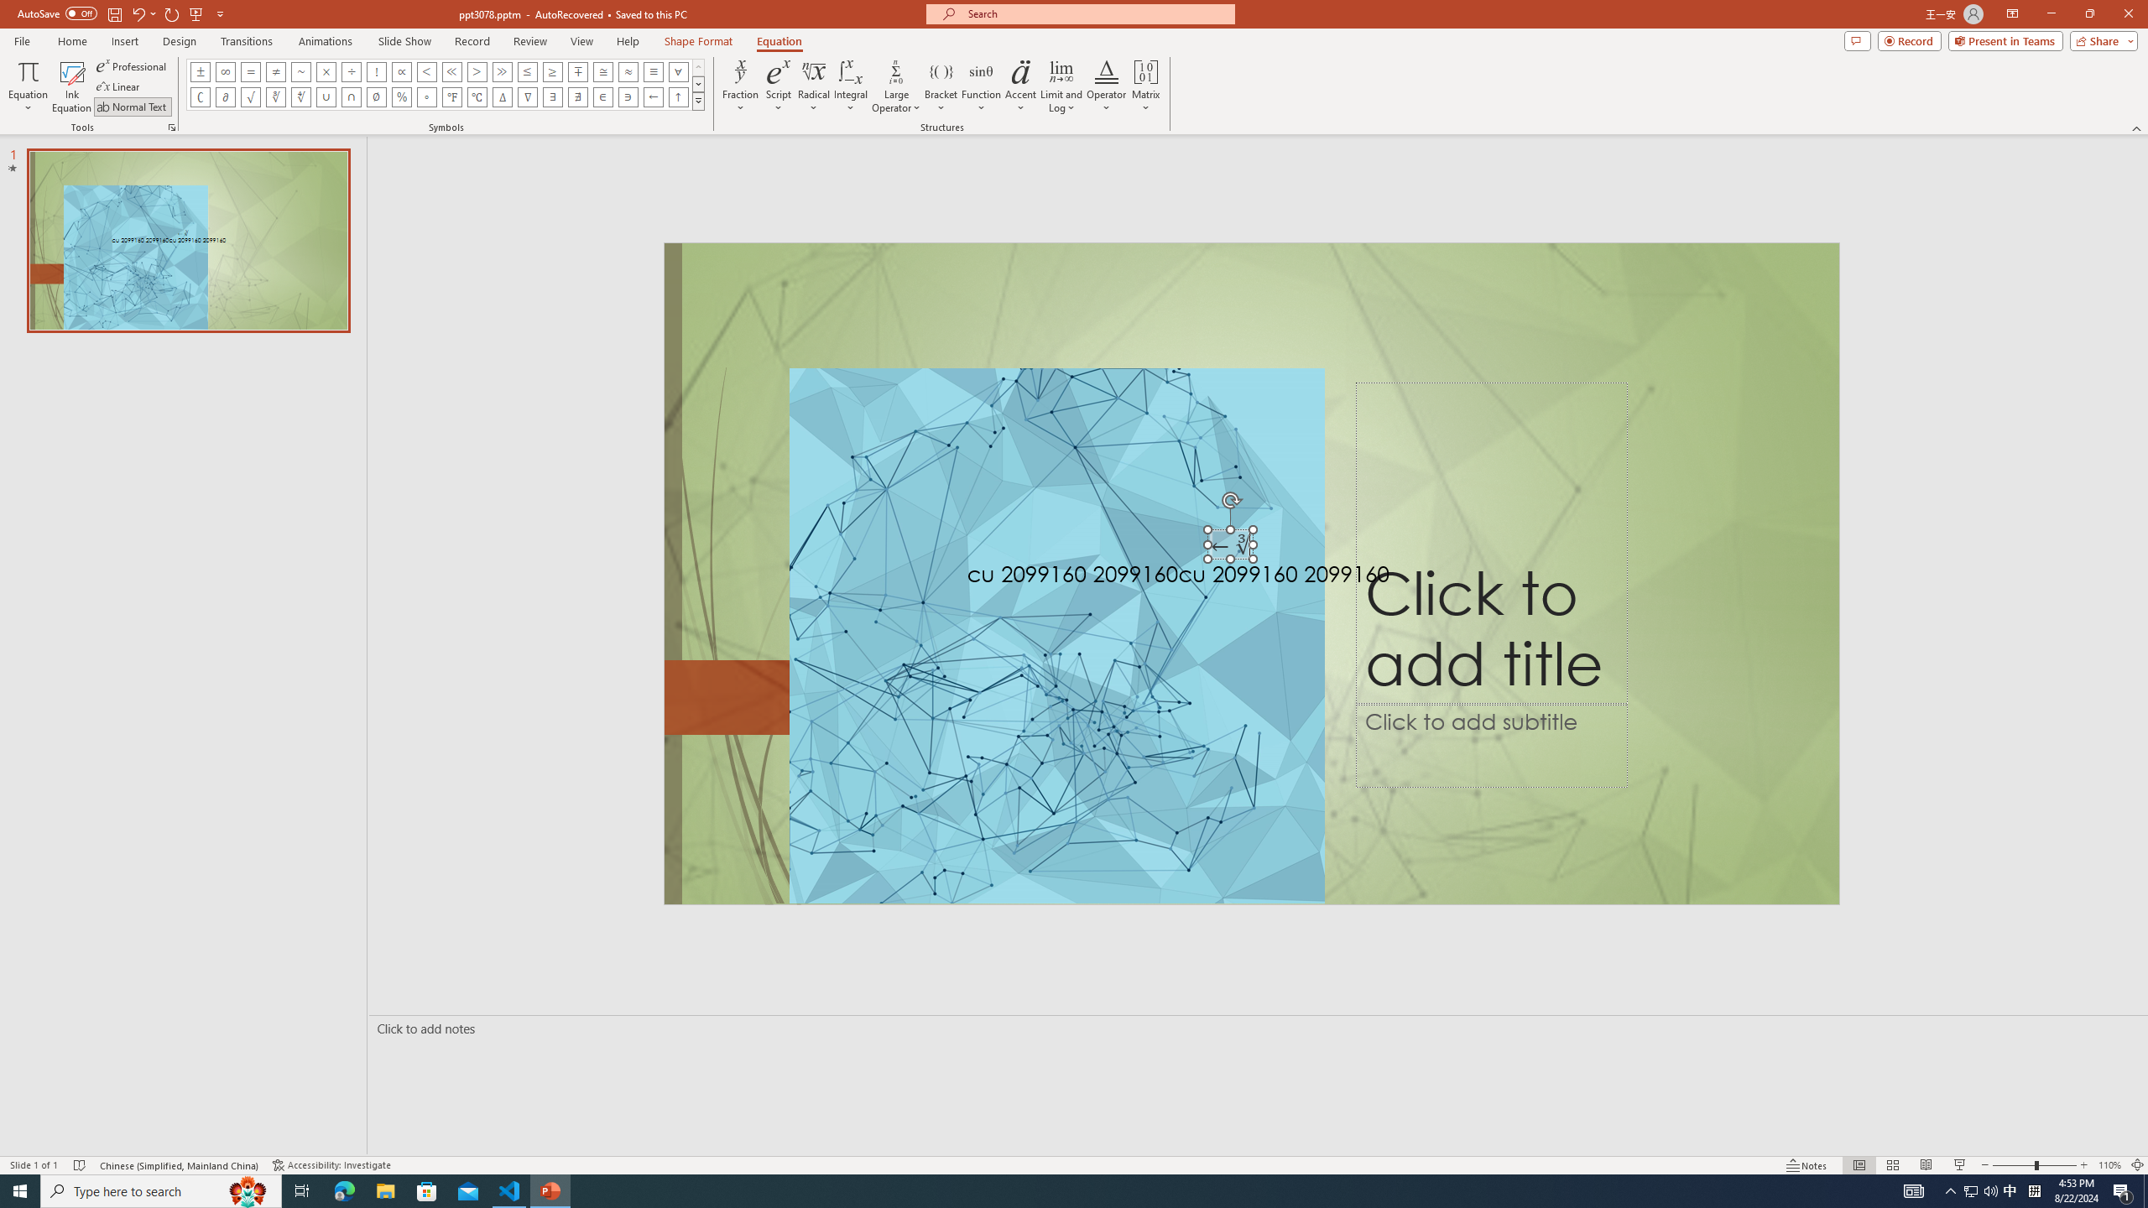 The width and height of the screenshot is (2148, 1208). I want to click on 'Equation Symbol Fourth Root', so click(300, 96).